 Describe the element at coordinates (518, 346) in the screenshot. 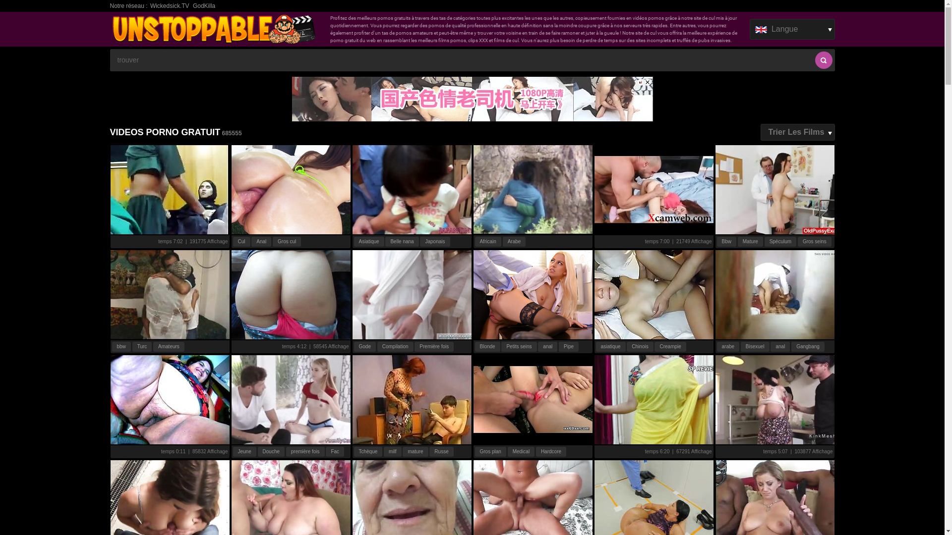

I see `'Petits seins'` at that location.